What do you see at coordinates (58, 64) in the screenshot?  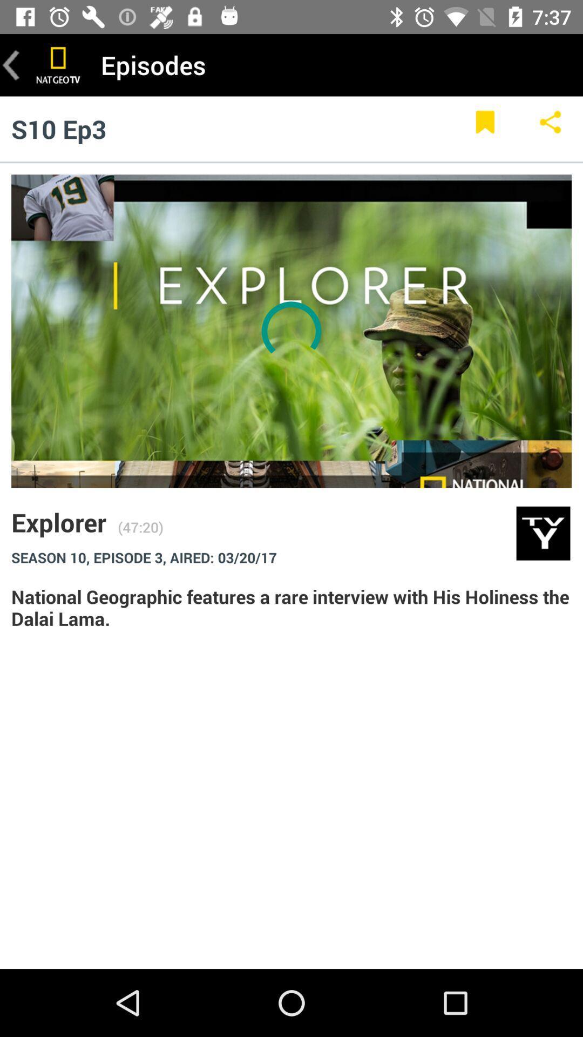 I see `website link` at bounding box center [58, 64].